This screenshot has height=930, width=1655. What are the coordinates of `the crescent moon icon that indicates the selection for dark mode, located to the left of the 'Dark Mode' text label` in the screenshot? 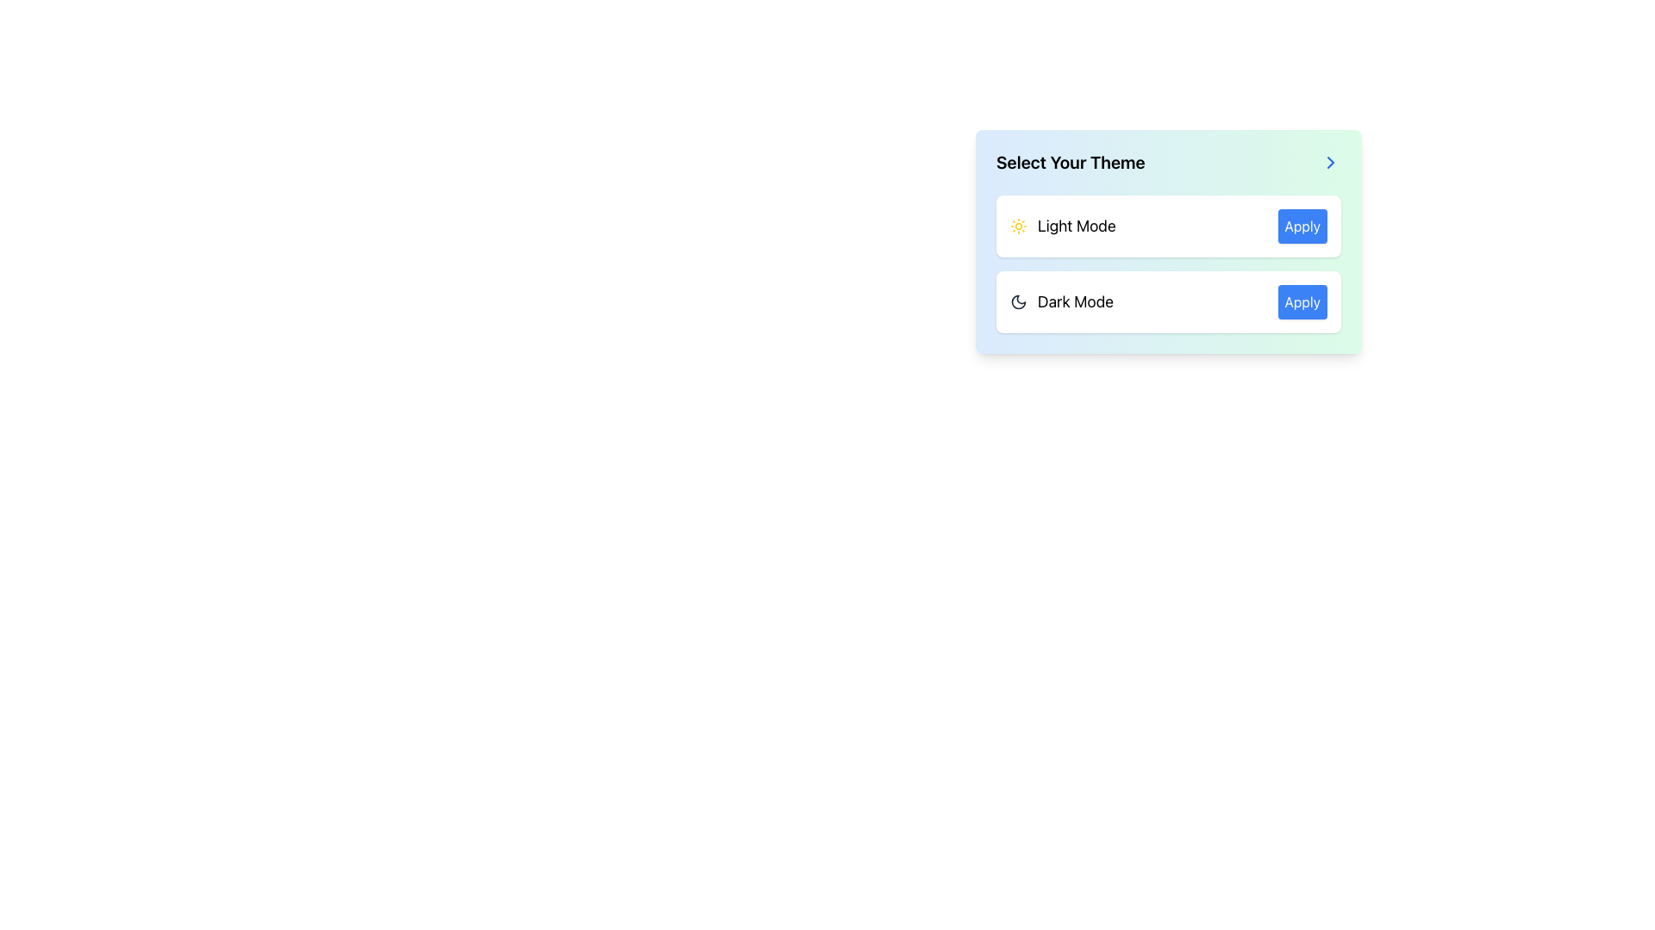 It's located at (1018, 301).